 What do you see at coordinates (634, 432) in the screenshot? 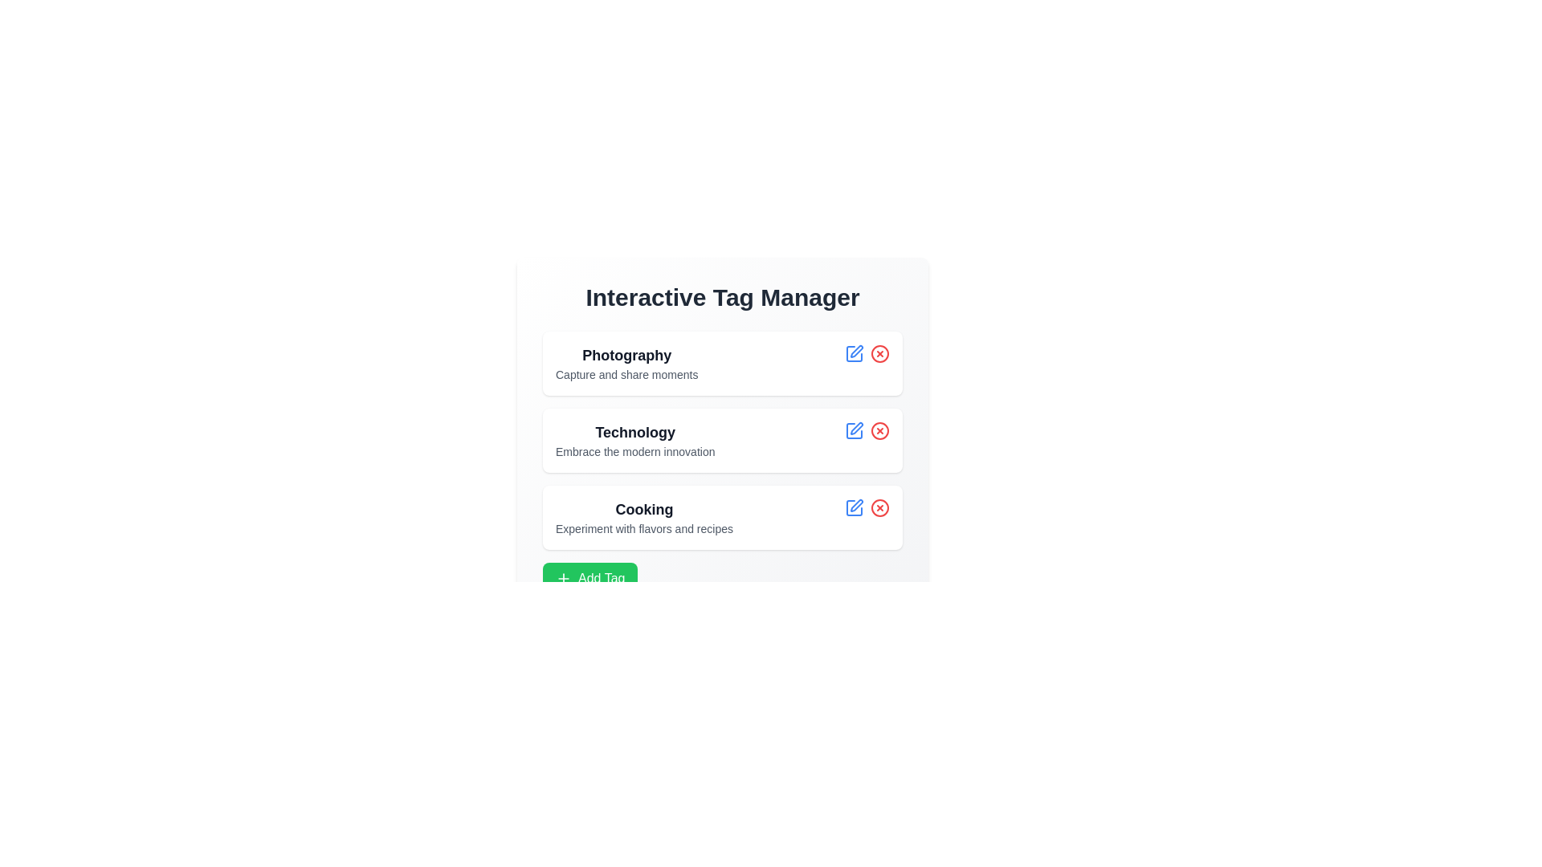
I see `the bold text label reading 'Technology', which is styled with a larger font size and dark gray color, located between 'Photography' and 'Cooking'` at bounding box center [634, 432].